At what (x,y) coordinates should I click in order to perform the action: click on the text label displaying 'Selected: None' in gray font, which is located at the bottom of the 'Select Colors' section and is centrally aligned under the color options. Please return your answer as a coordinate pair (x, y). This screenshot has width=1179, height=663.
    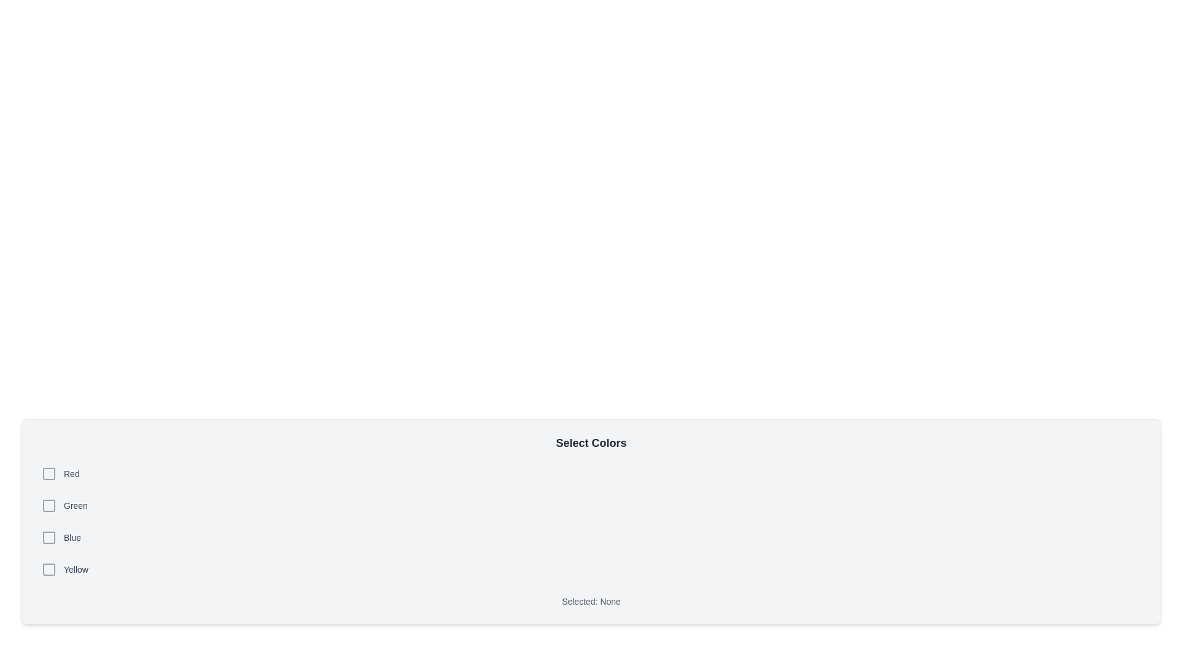
    Looking at the image, I should click on (591, 600).